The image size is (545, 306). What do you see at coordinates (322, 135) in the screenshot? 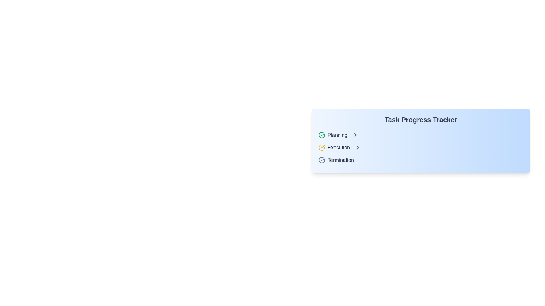
I see `the green checkmark circle icon, which represents the completed task stage, located to the left of the 'Planning' label in the task progress tracker` at bounding box center [322, 135].